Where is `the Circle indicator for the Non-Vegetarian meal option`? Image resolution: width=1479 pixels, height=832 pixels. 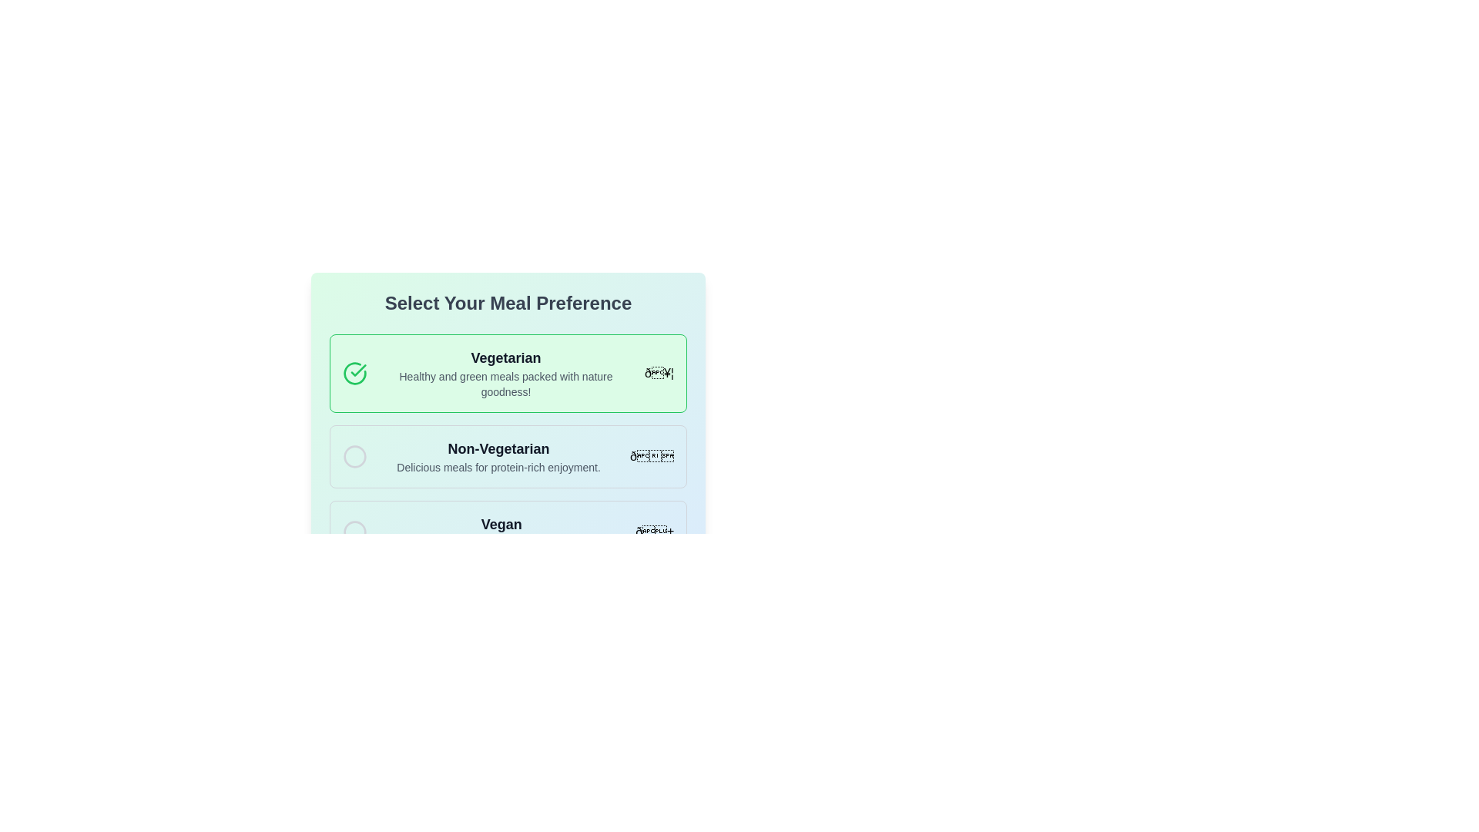 the Circle indicator for the Non-Vegetarian meal option is located at coordinates (354, 456).